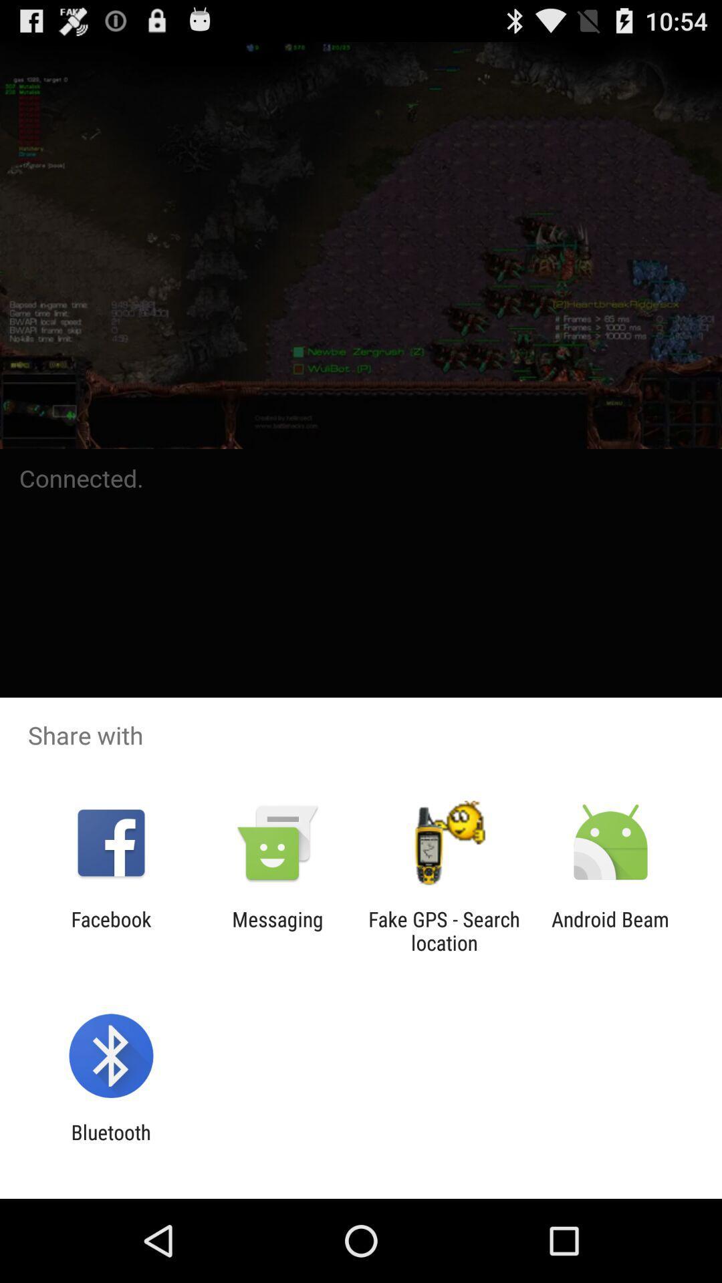 The width and height of the screenshot is (722, 1283). What do you see at coordinates (610, 930) in the screenshot?
I see `the app to the right of fake gps search` at bounding box center [610, 930].